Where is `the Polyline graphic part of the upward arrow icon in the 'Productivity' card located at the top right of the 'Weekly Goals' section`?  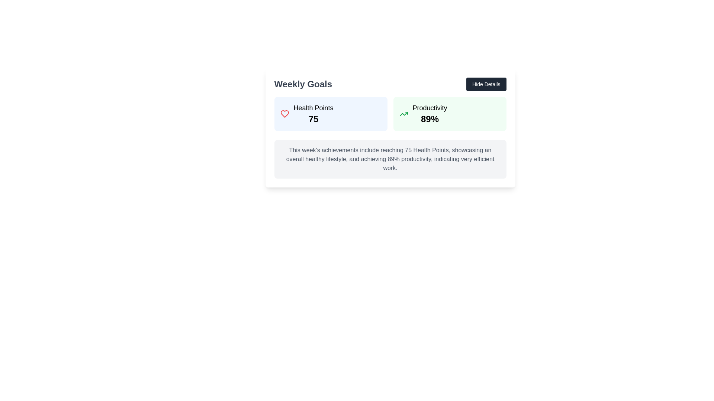
the Polyline graphic part of the upward arrow icon in the 'Productivity' card located at the top right of the 'Weekly Goals' section is located at coordinates (403, 114).